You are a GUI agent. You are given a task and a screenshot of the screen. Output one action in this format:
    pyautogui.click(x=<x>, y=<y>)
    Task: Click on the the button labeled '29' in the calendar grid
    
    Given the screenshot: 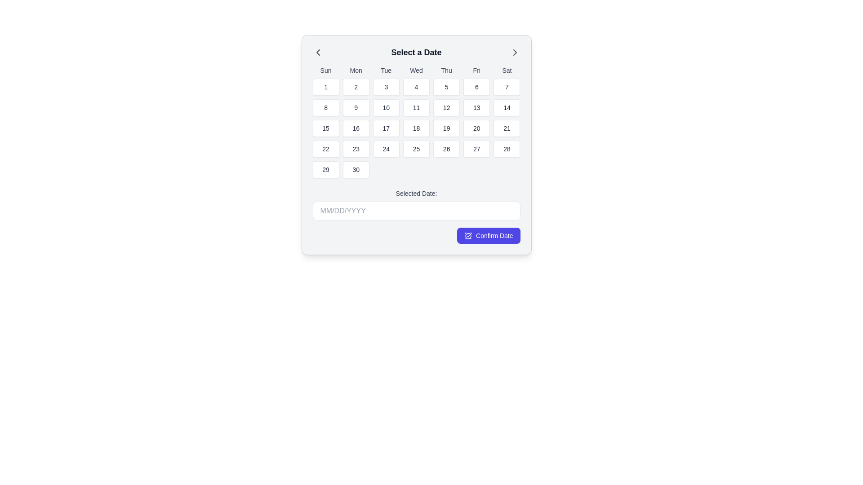 What is the action you would take?
    pyautogui.click(x=325, y=170)
    